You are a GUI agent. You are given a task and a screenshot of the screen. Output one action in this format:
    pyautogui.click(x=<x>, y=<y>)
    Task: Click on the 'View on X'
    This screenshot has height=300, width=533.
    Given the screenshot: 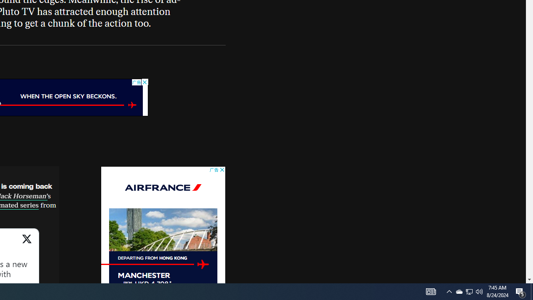 What is the action you would take?
    pyautogui.click(x=27, y=243)
    